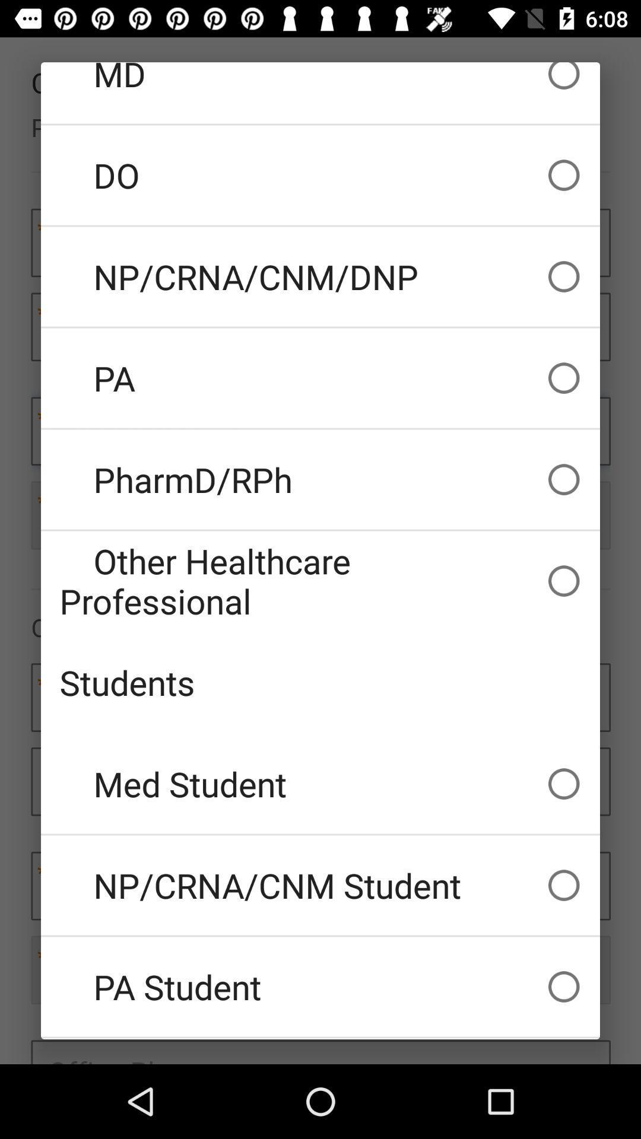 The height and width of the screenshot is (1139, 641). Describe the element at coordinates (320, 1038) in the screenshot. I see `the     pharmacy student icon` at that location.